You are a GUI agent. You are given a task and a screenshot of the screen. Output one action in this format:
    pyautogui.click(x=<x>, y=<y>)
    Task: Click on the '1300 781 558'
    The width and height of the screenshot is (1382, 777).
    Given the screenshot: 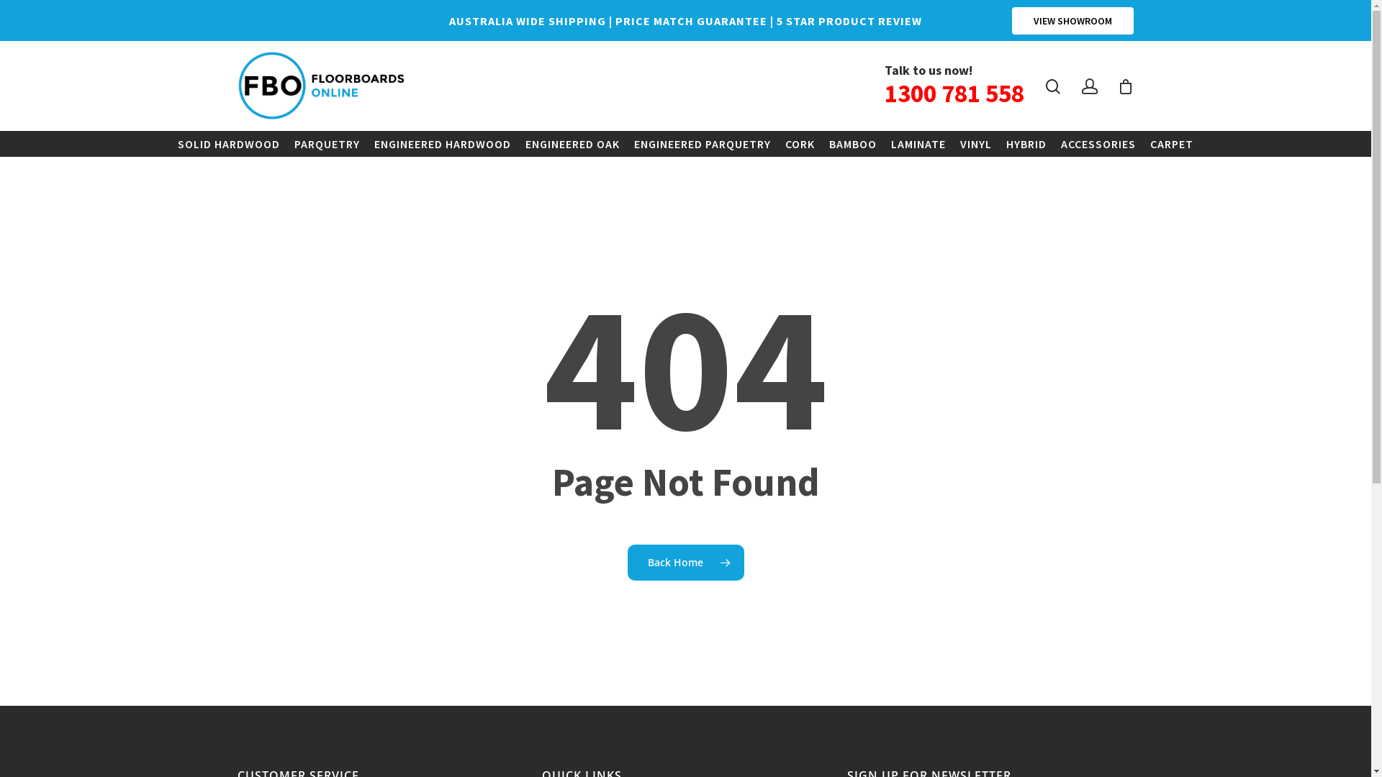 What is the action you would take?
    pyautogui.click(x=954, y=94)
    